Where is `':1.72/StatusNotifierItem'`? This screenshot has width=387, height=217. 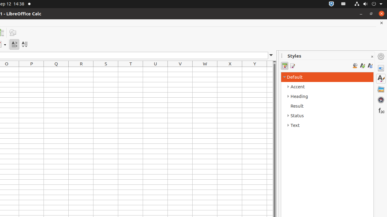 ':1.72/StatusNotifierItem' is located at coordinates (331, 4).